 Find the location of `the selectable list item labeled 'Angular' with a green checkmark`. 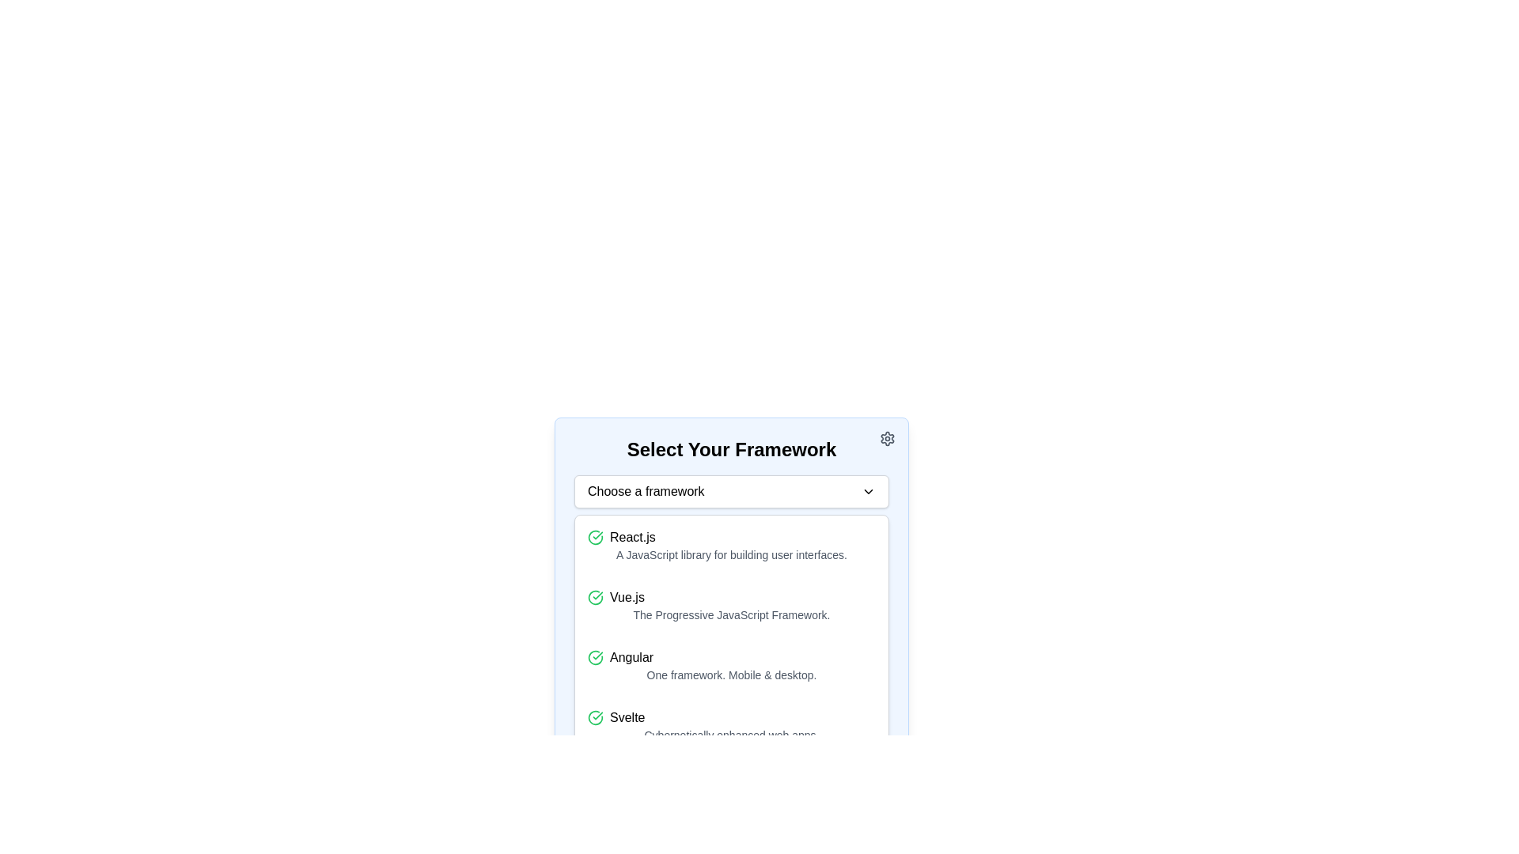

the selectable list item labeled 'Angular' with a green checkmark is located at coordinates (731, 665).